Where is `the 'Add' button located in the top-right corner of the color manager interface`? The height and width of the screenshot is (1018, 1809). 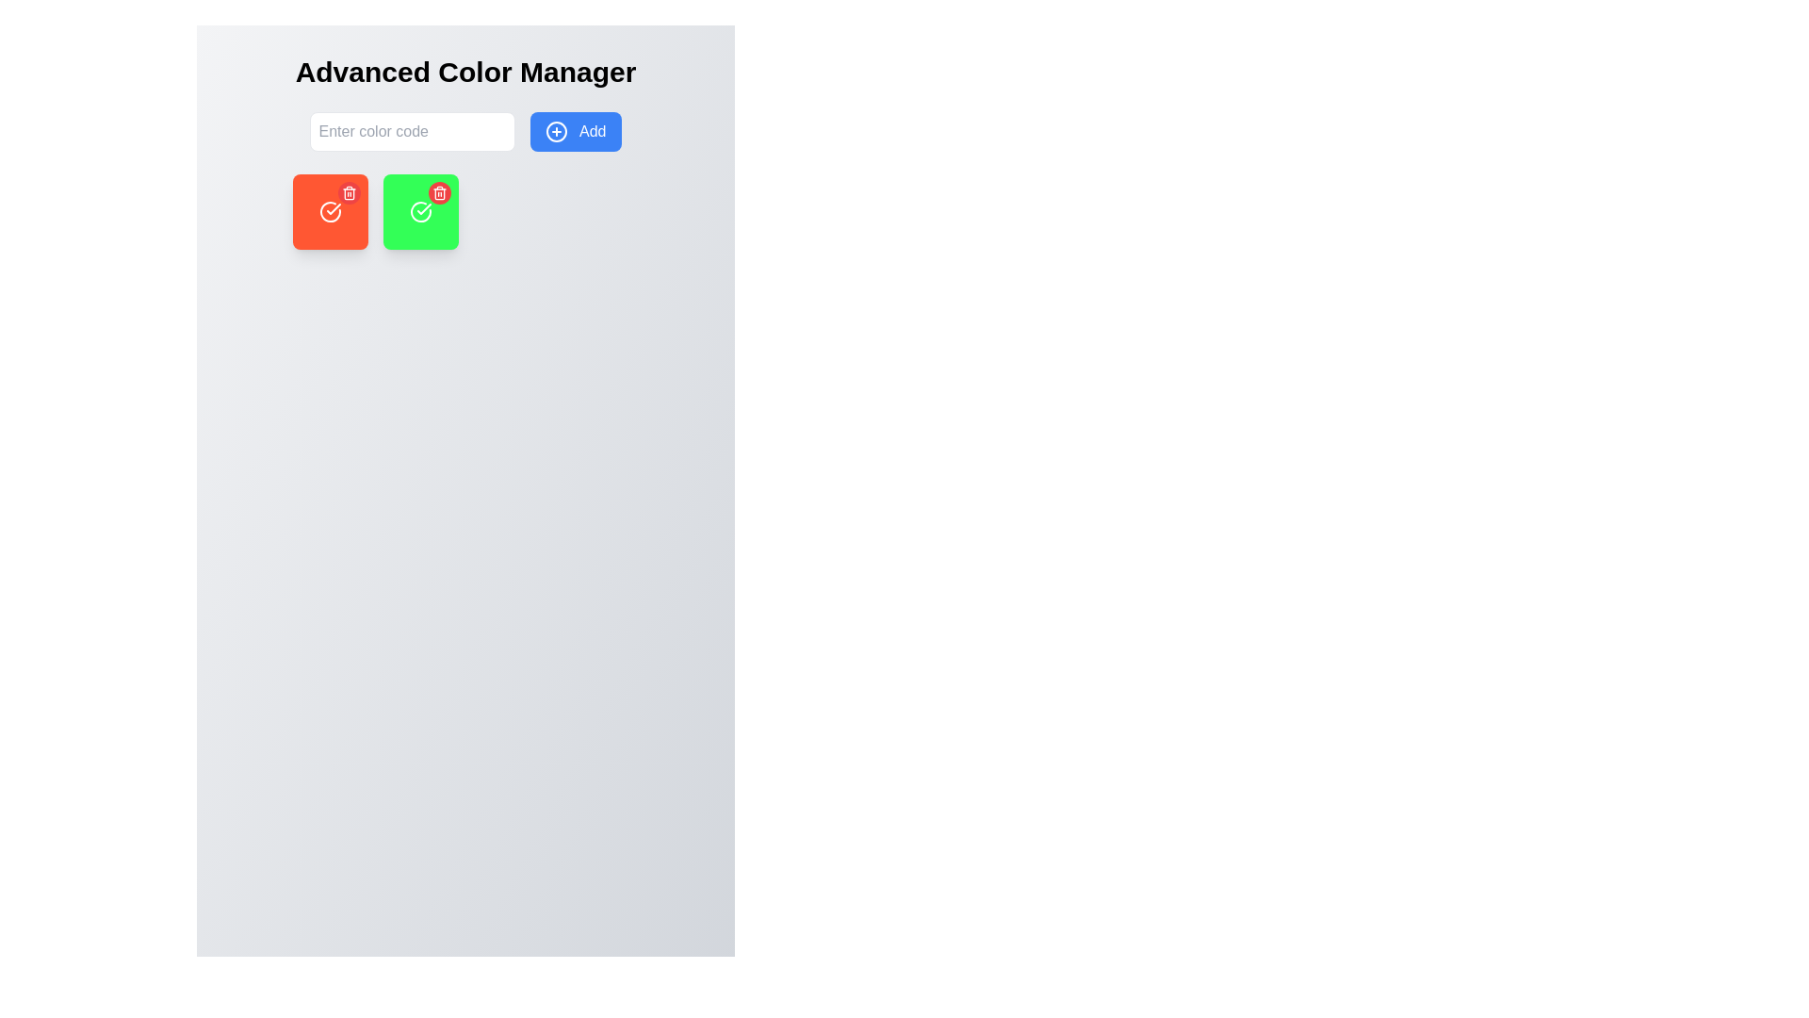 the 'Add' button located in the top-right corner of the color manager interface is located at coordinates (575, 130).